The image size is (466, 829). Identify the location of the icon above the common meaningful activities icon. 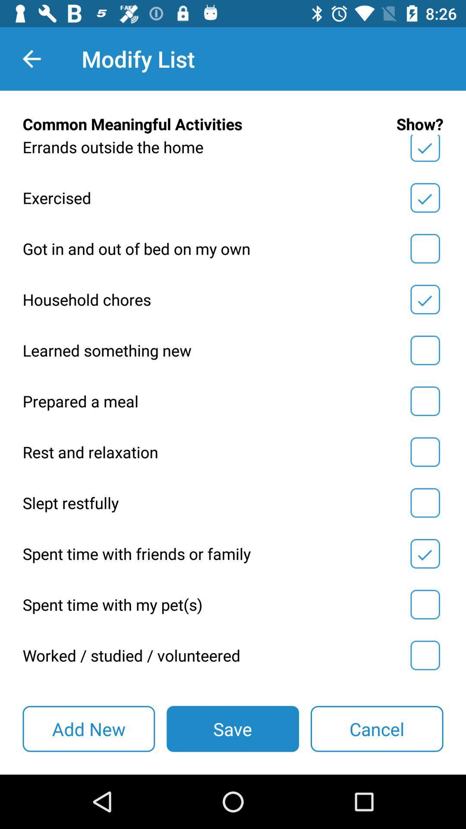
(31, 58).